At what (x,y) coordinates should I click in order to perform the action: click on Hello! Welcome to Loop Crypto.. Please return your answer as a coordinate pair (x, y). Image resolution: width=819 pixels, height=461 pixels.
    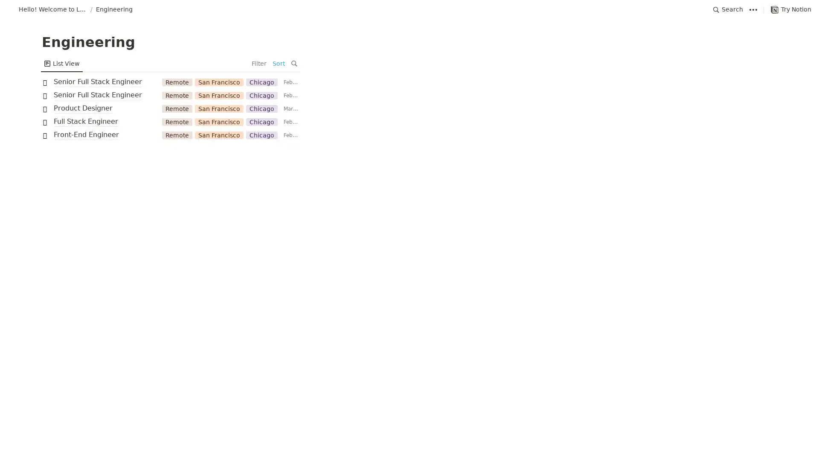
    Looking at the image, I should click on (46, 9).